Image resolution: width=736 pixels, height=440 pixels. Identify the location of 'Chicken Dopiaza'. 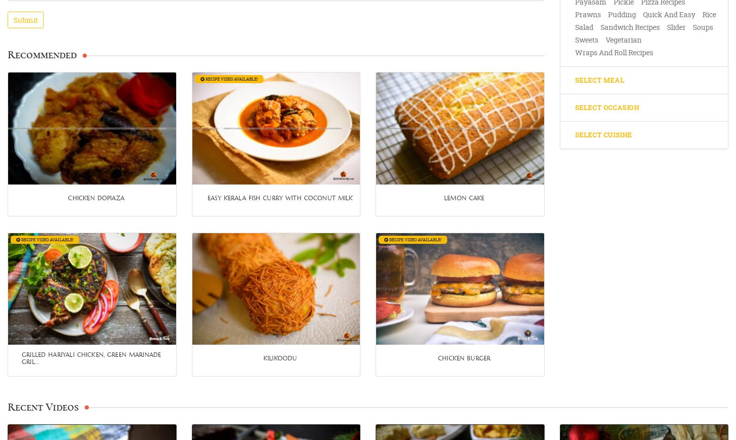
(67, 197).